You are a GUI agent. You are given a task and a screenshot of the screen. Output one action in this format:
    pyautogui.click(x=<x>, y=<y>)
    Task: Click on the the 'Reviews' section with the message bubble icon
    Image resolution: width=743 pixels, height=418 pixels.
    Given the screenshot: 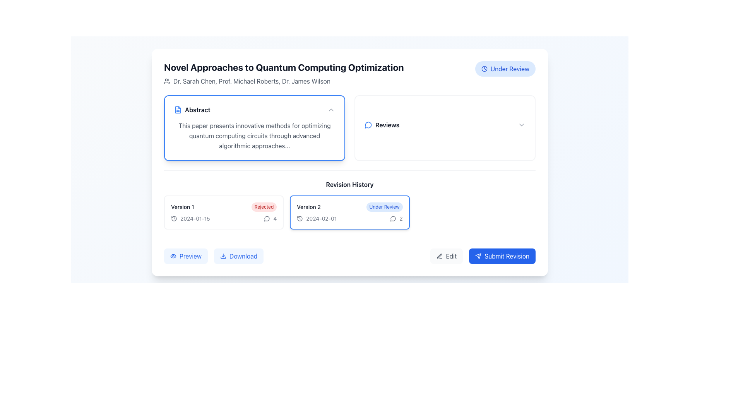 What is the action you would take?
    pyautogui.click(x=445, y=125)
    